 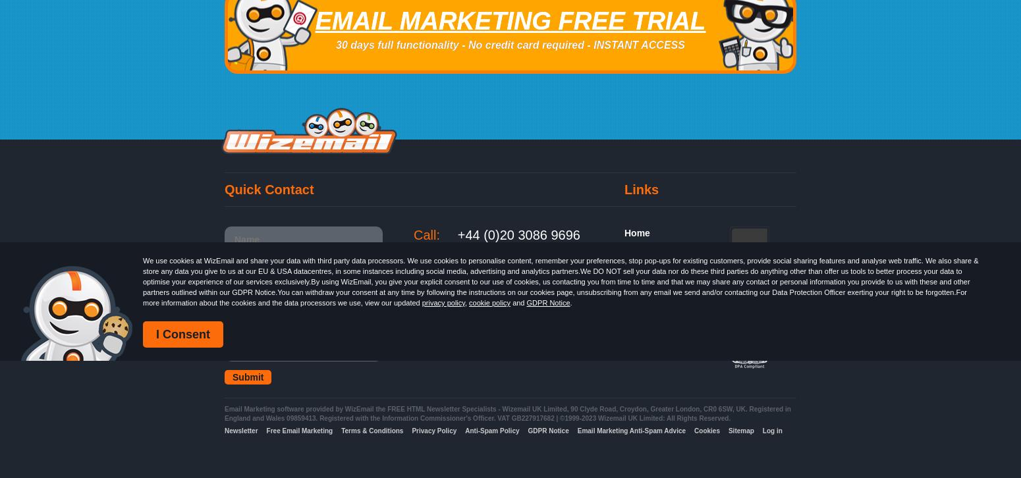 What do you see at coordinates (771, 430) in the screenshot?
I see `'Log in'` at bounding box center [771, 430].